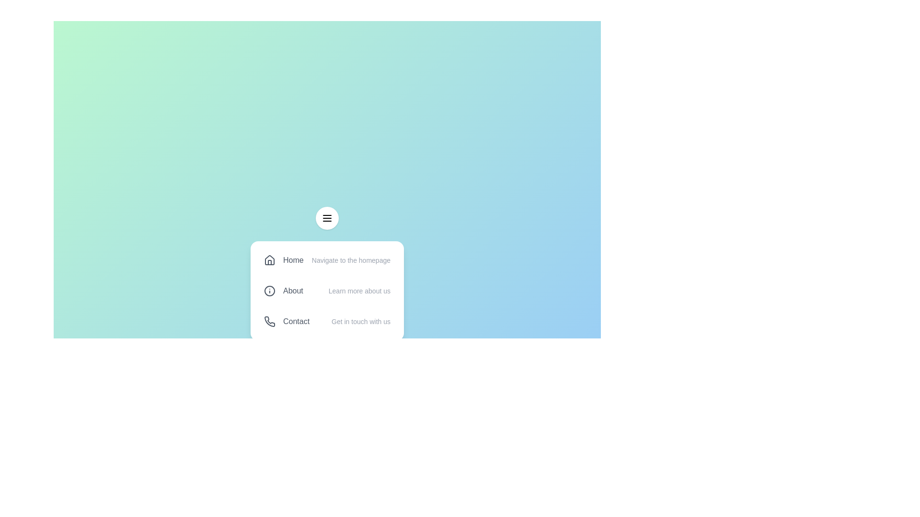 This screenshot has height=517, width=920. I want to click on the menu item About, so click(327, 291).